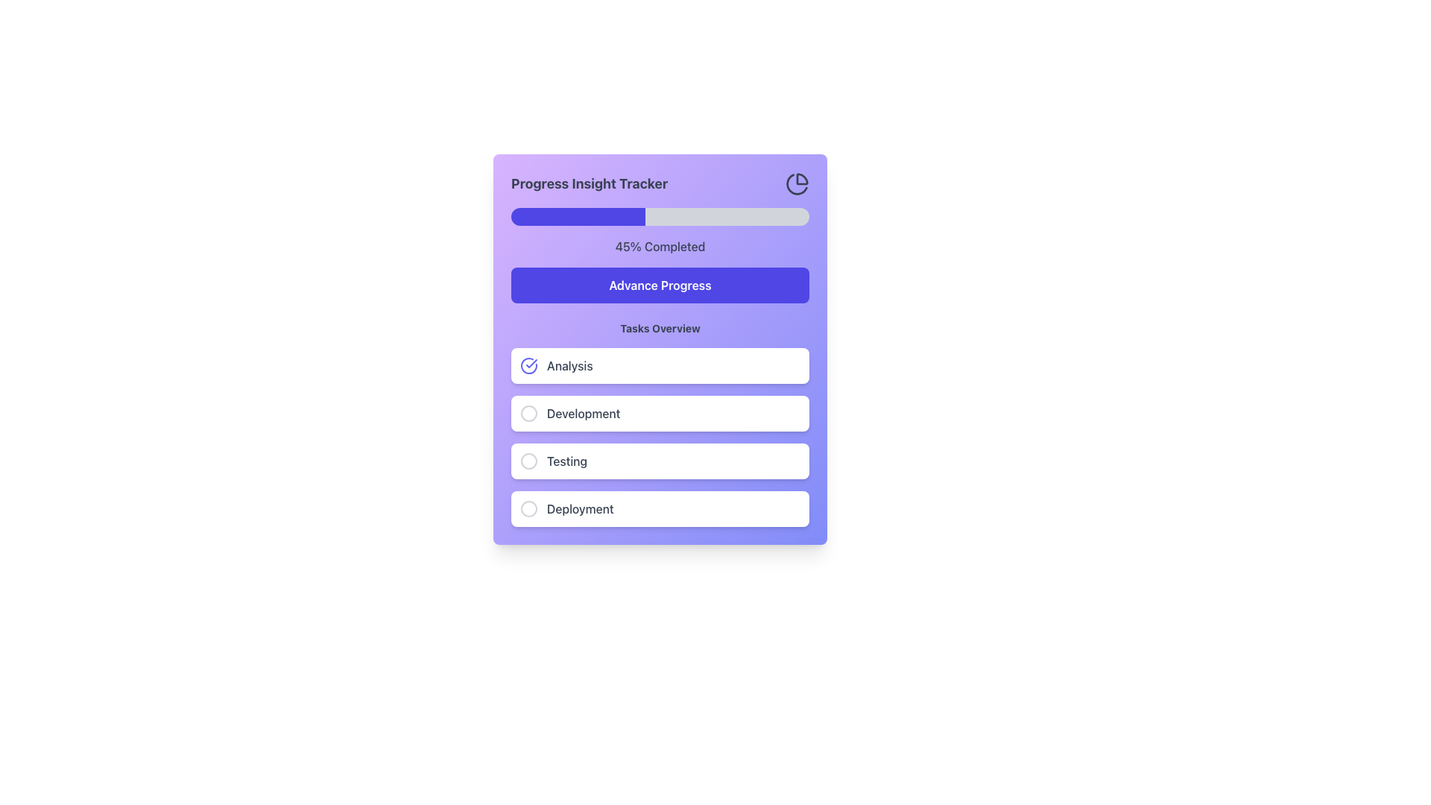  What do you see at coordinates (660, 365) in the screenshot?
I see `the Static card representing the task labeled 'Analysis' in the 'Tasks Overview' section, which is the first element in the vertical list` at bounding box center [660, 365].